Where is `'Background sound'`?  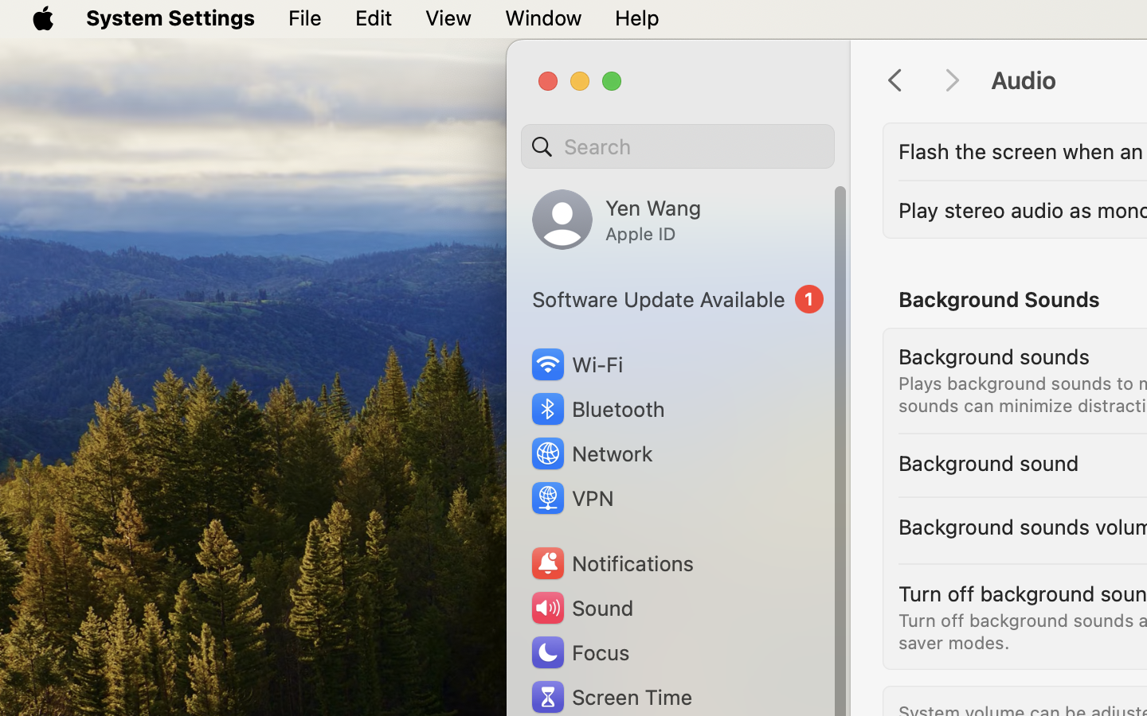 'Background sound' is located at coordinates (987, 463).